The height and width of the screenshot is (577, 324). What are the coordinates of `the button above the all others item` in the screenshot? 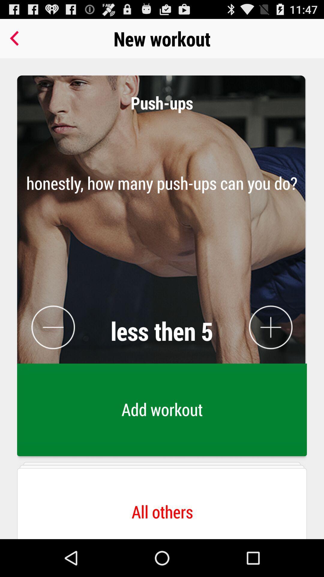 It's located at (162, 411).